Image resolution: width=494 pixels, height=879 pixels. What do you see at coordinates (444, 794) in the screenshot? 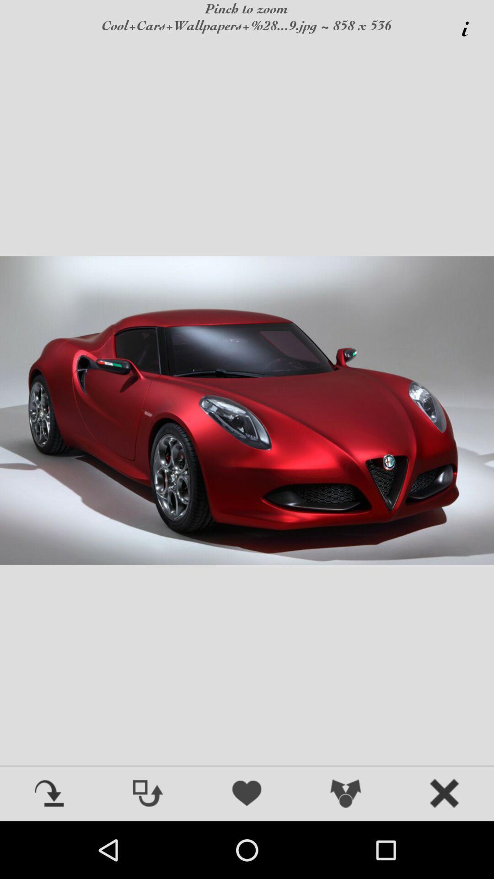
I see `close` at bounding box center [444, 794].